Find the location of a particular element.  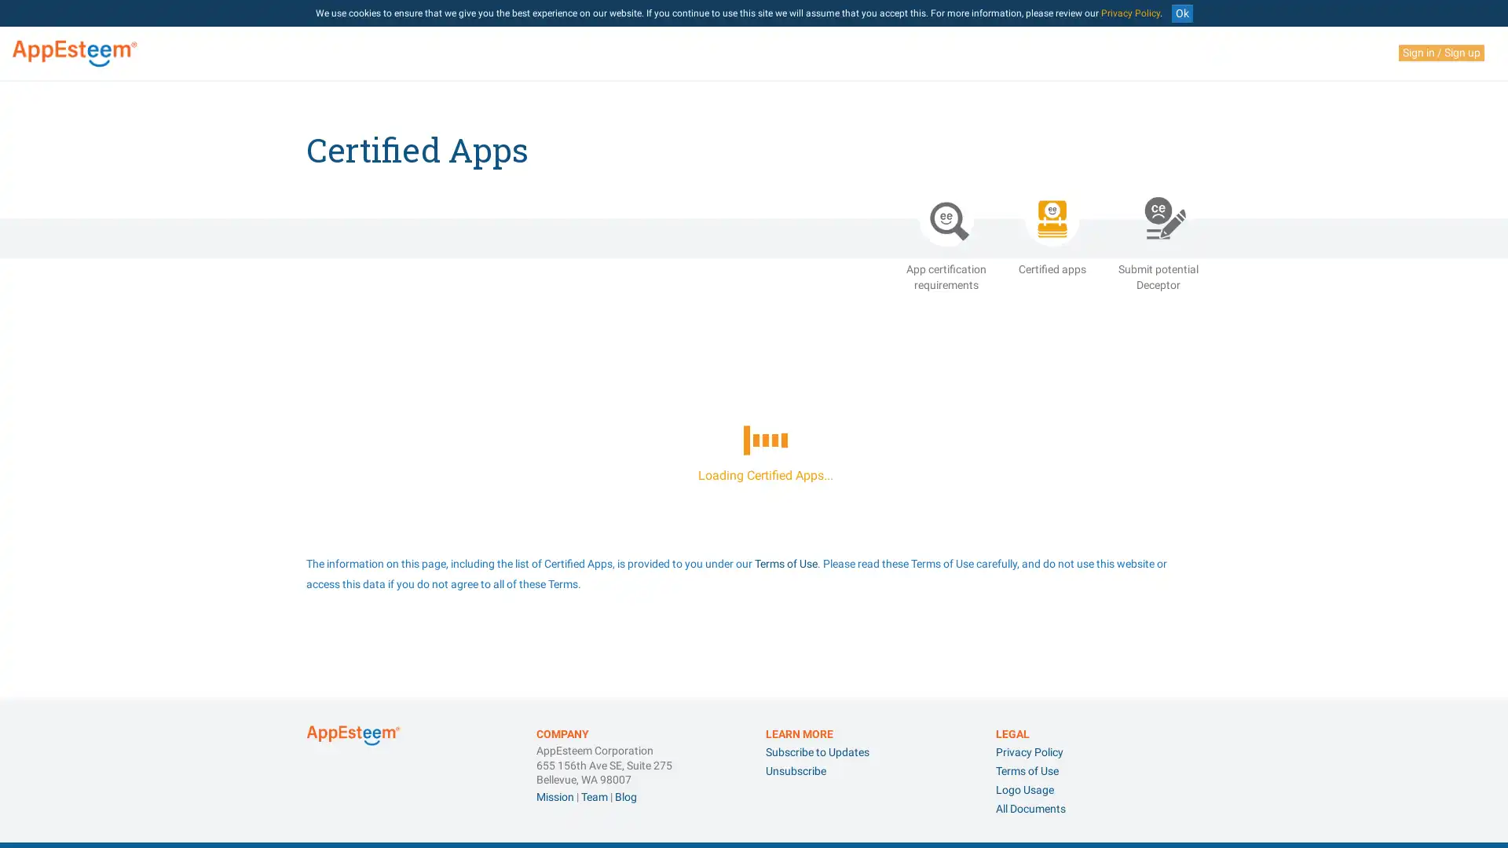

Last is located at coordinates (1188, 784).